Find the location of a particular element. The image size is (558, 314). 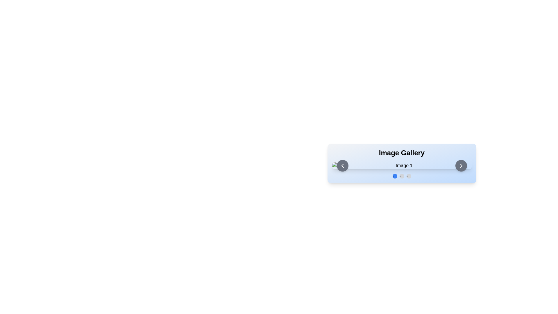

the navigation chevron icon located on the right side of the 'Image Gallery' component is located at coordinates (461, 166).